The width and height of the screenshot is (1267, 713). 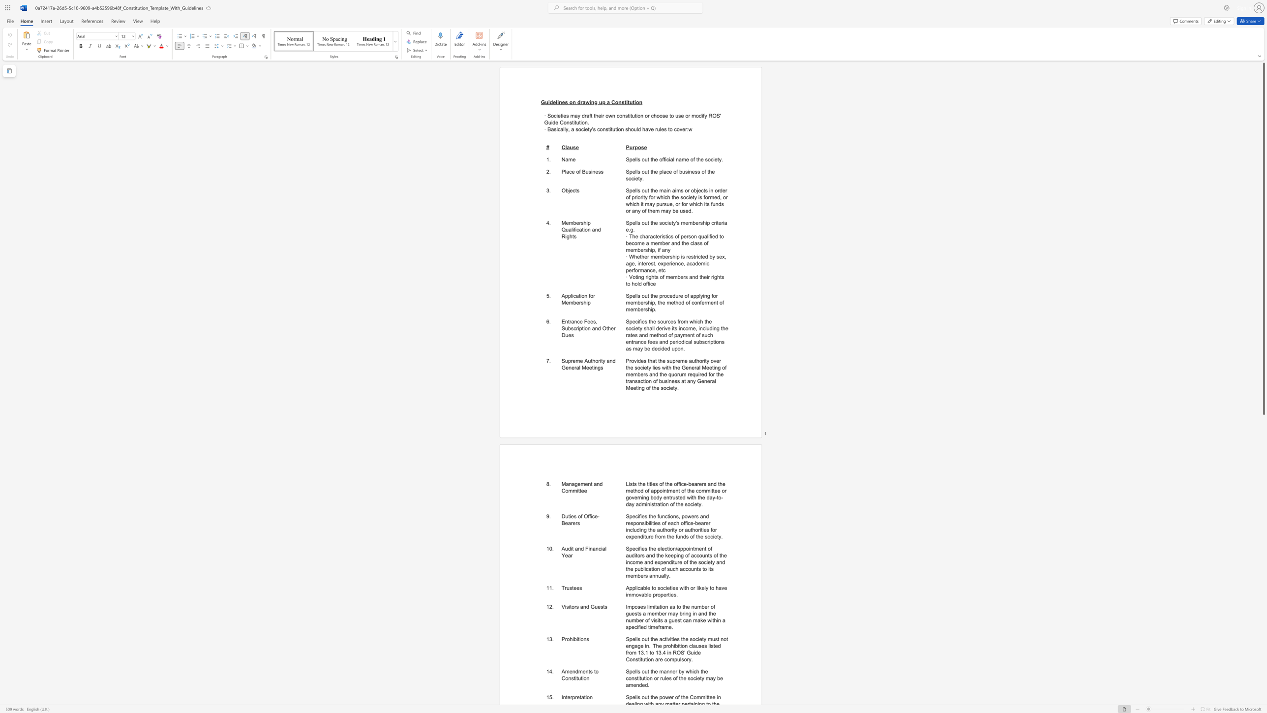 I want to click on the space between the continuous character "u" and "s" in the text, so click(x=588, y=172).